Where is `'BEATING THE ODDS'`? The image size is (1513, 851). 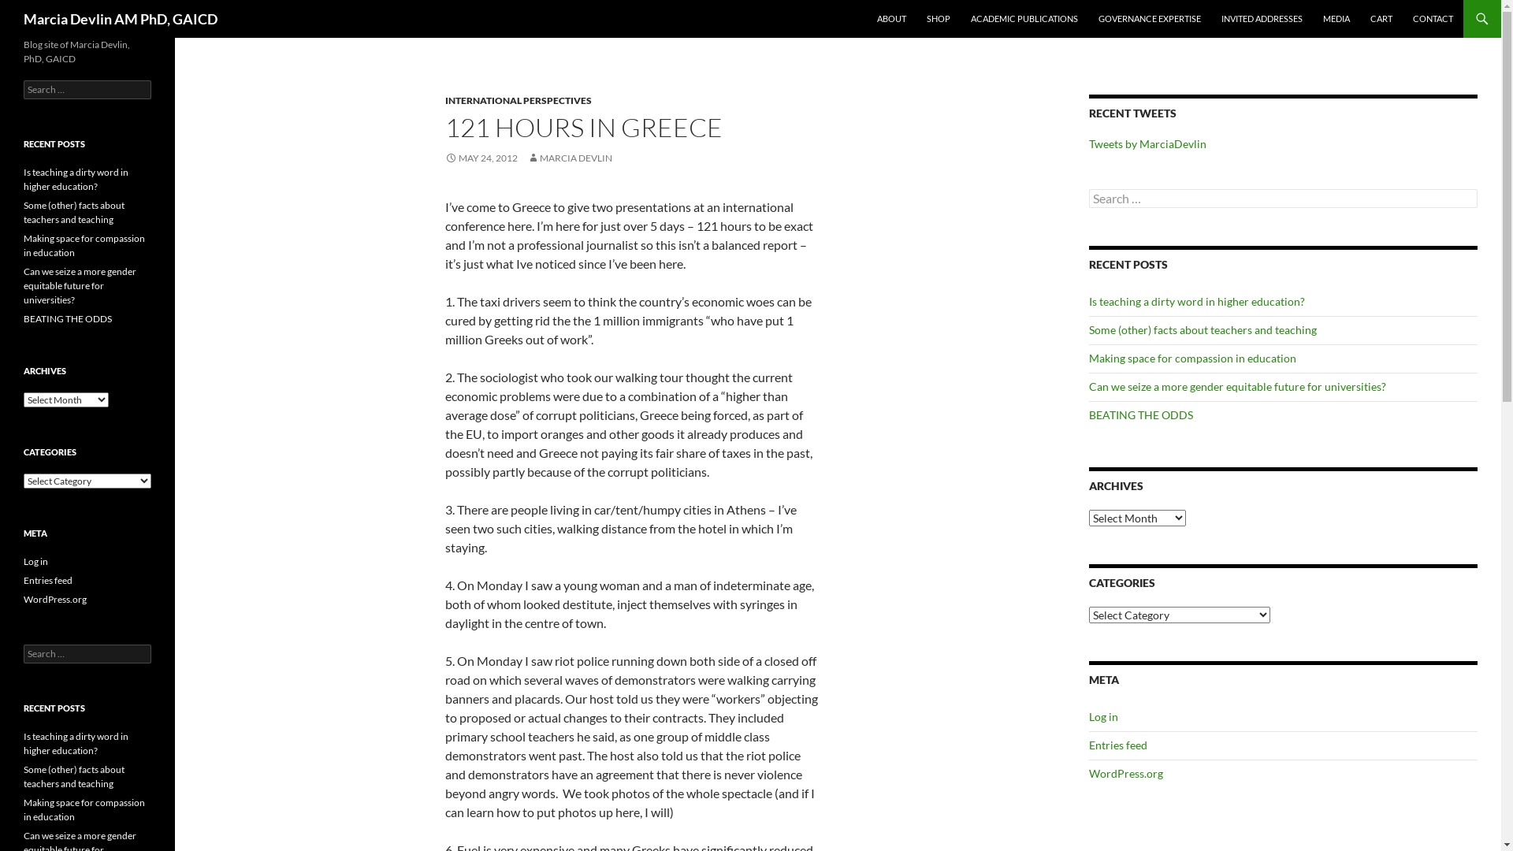
'BEATING THE ODDS' is located at coordinates (67, 318).